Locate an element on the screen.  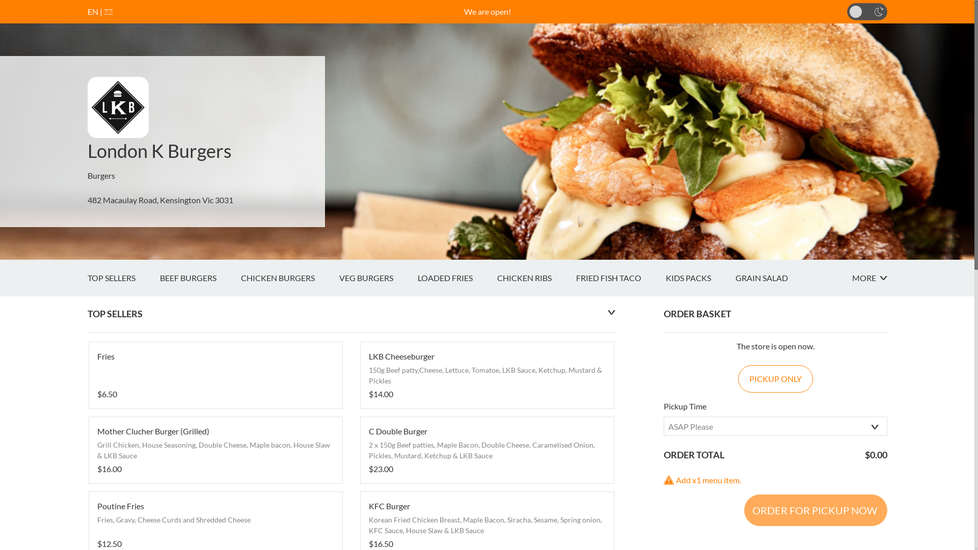
'MORE' is located at coordinates (851, 278).